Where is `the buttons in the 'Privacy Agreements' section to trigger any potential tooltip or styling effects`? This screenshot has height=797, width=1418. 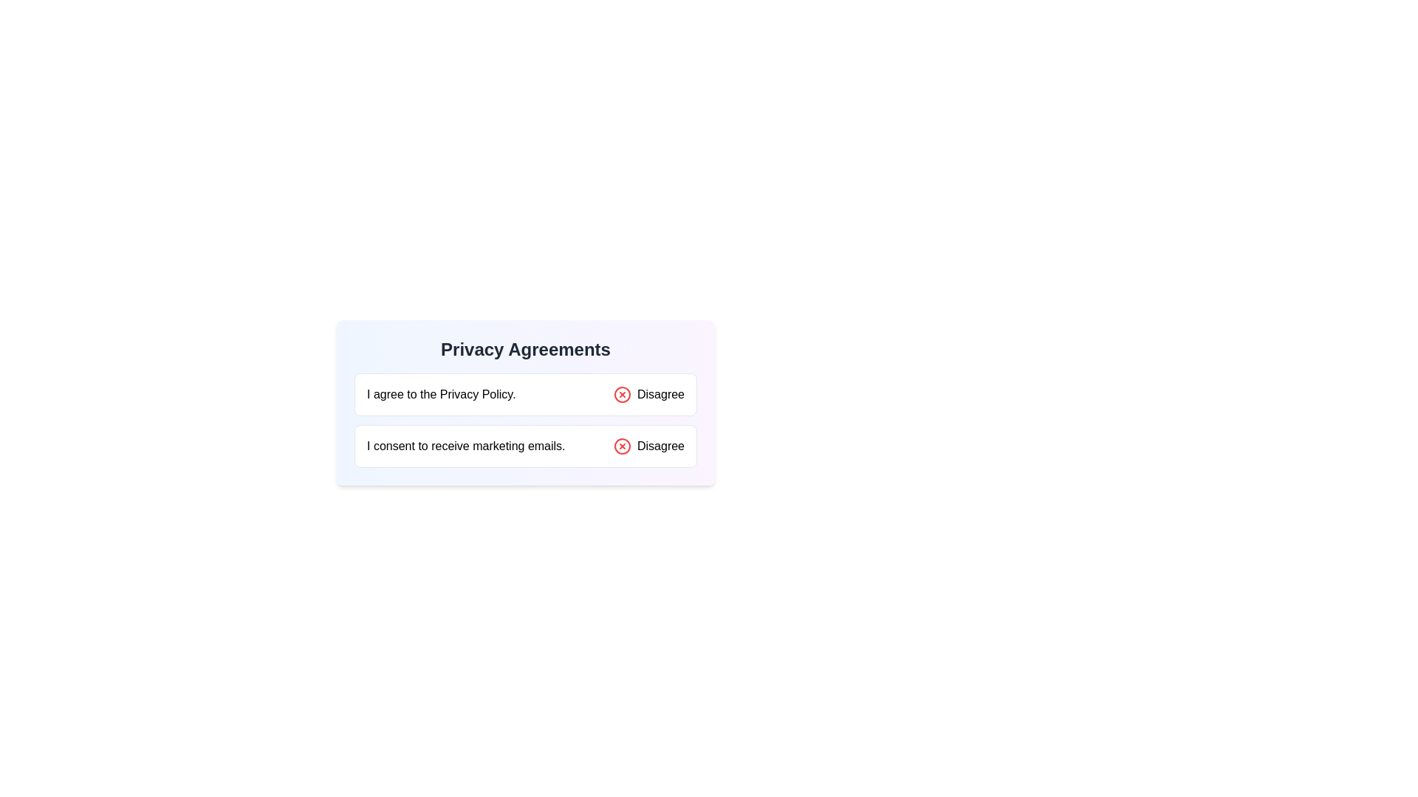 the buttons in the 'Privacy Agreements' section to trigger any potential tooltip or styling effects is located at coordinates (525, 421).